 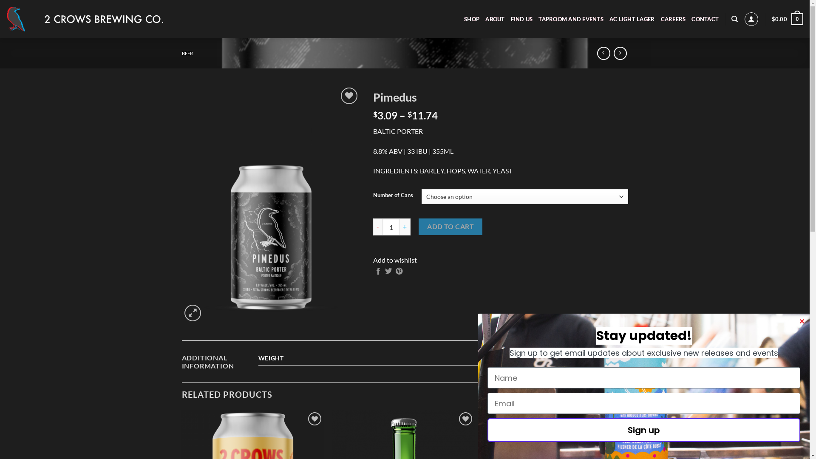 What do you see at coordinates (571, 19) in the screenshot?
I see `'TAPROOM AND EVENTS'` at bounding box center [571, 19].